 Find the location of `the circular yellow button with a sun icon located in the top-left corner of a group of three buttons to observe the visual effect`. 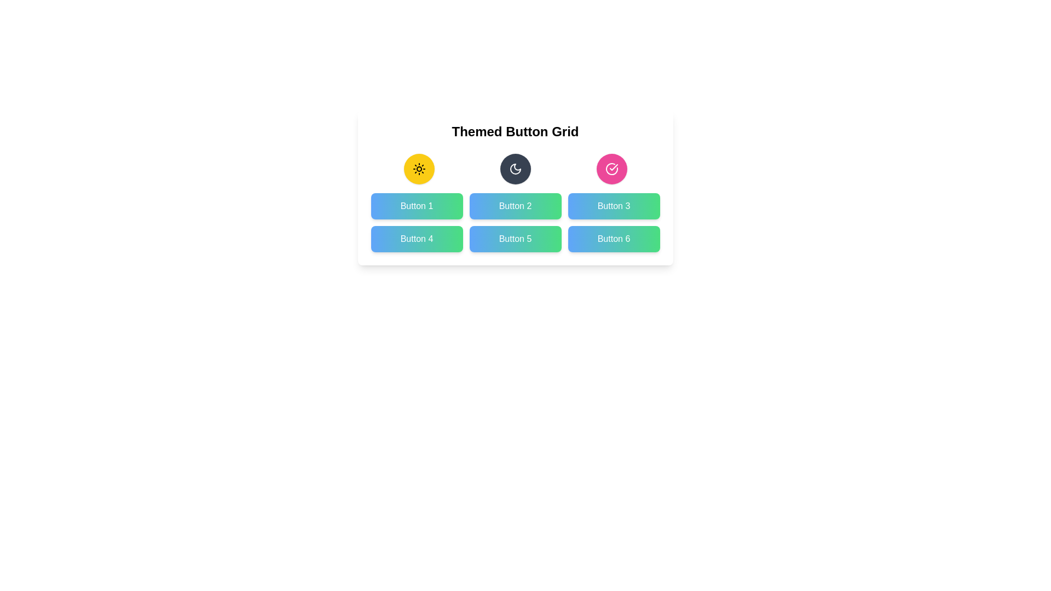

the circular yellow button with a sun icon located in the top-left corner of a group of three buttons to observe the visual effect is located at coordinates (418, 169).